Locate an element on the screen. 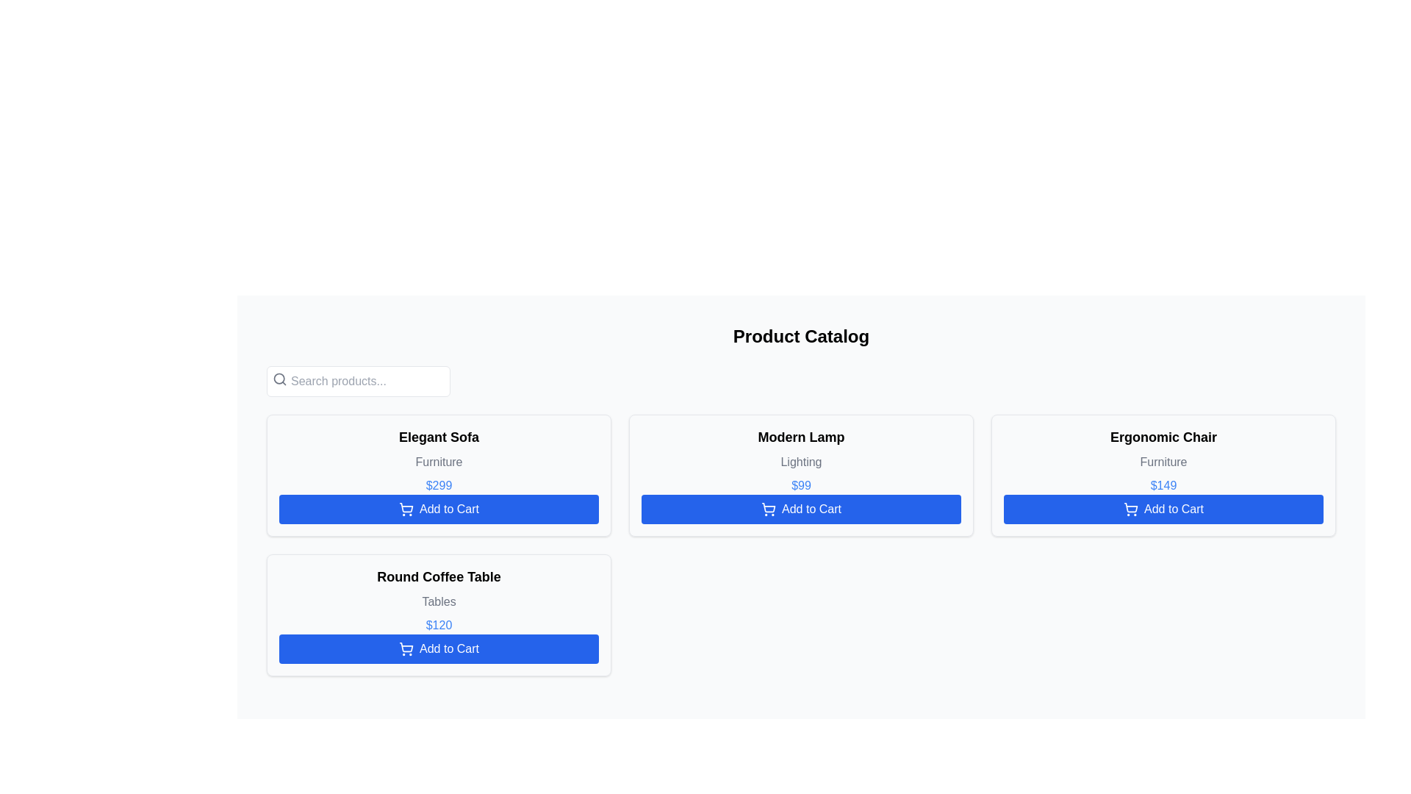 The height and width of the screenshot is (794, 1411). the button located at the bottom of the product card for 'Modern Lamp' is located at coordinates (800, 509).